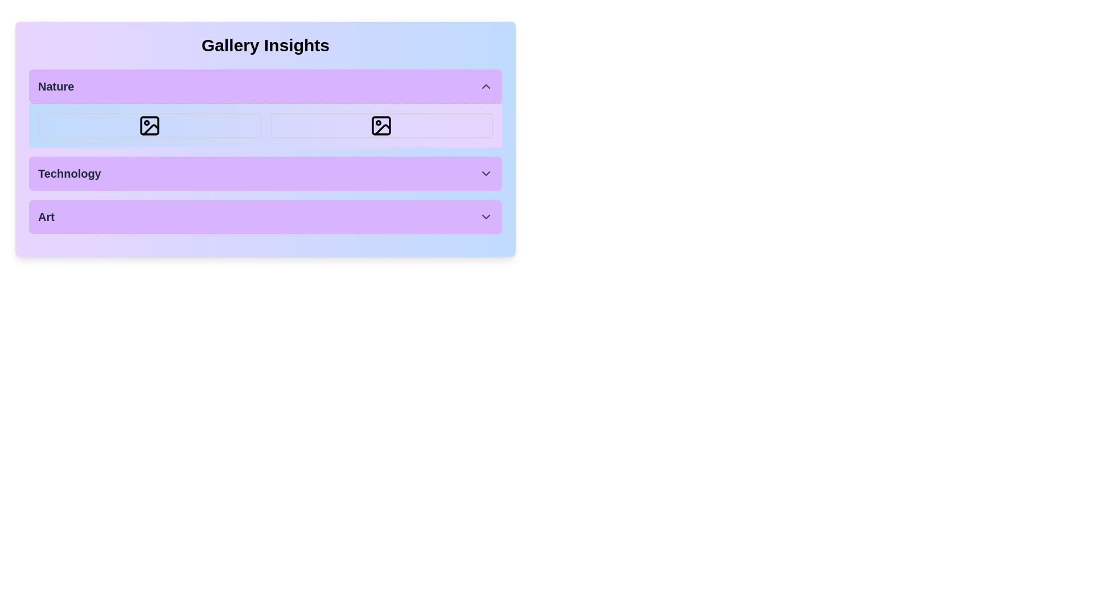  I want to click on the second icon in the 'Nature' section of the 'Gallery Insights' interface, so click(381, 125).